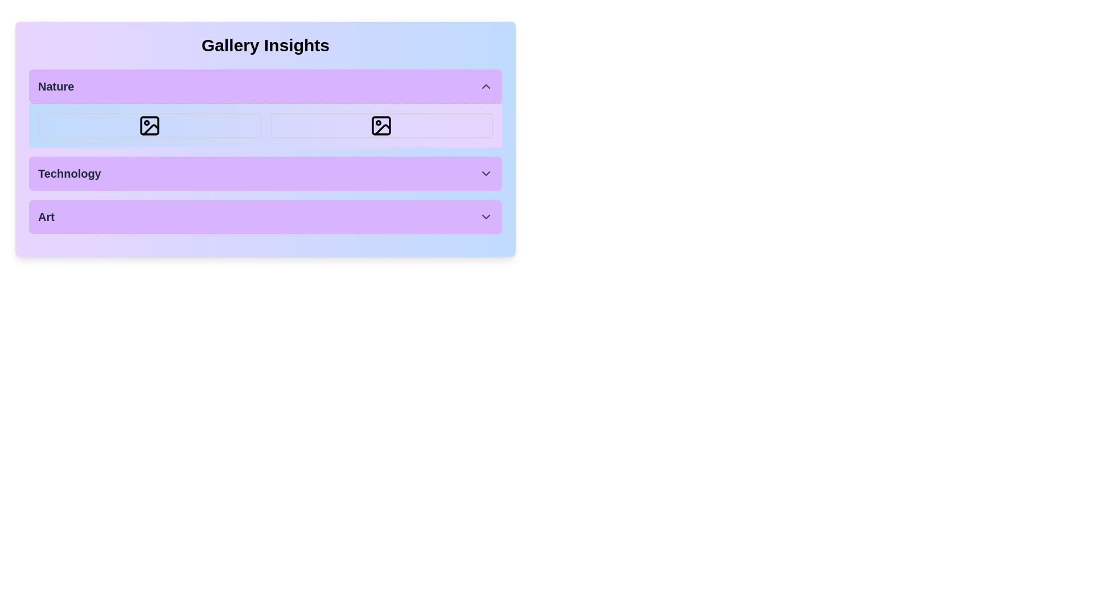  I want to click on the second icon in the 'Nature' section of the 'Gallery Insights' interface, so click(381, 125).